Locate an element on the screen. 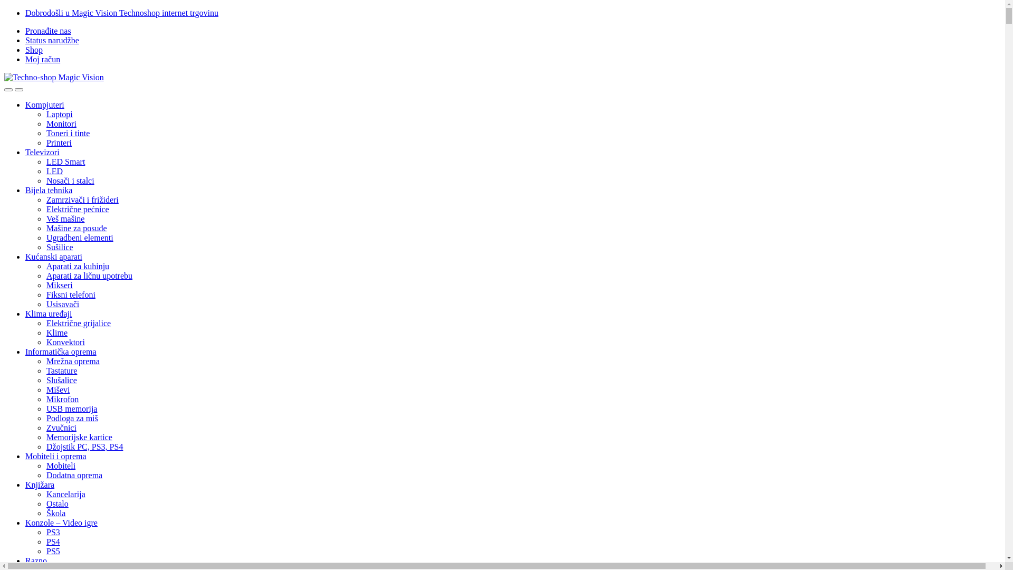 This screenshot has width=1013, height=570. 'USB memorija' is located at coordinates (45, 408).